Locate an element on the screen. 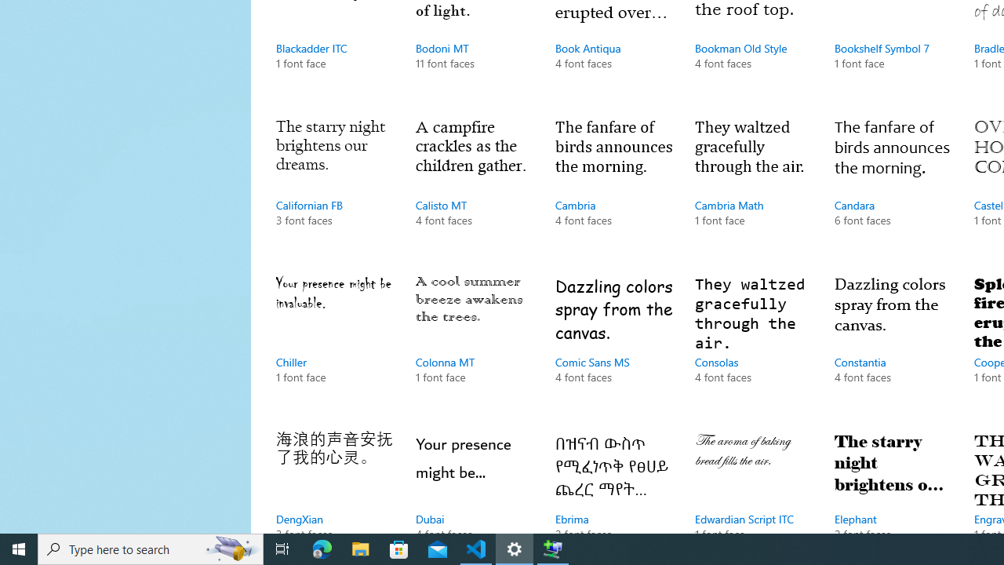 The width and height of the screenshot is (1004, 565). 'Calisto MT, 4 font faces' is located at coordinates (473, 187).